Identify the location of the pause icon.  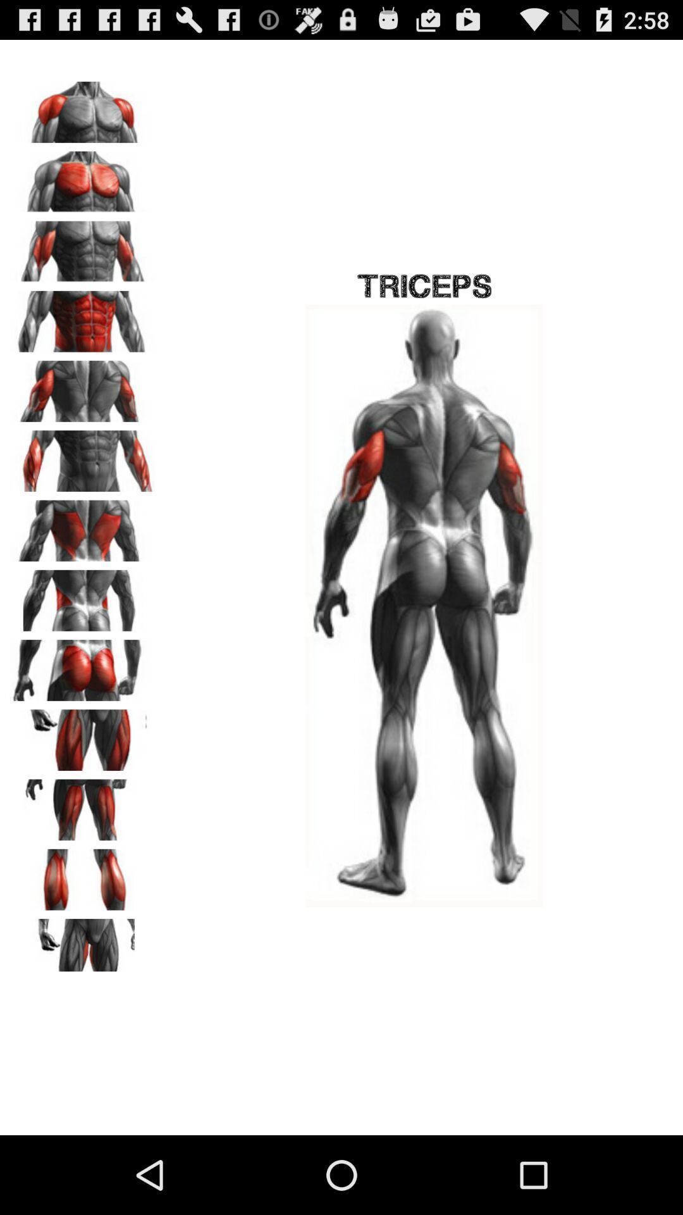
(83, 638).